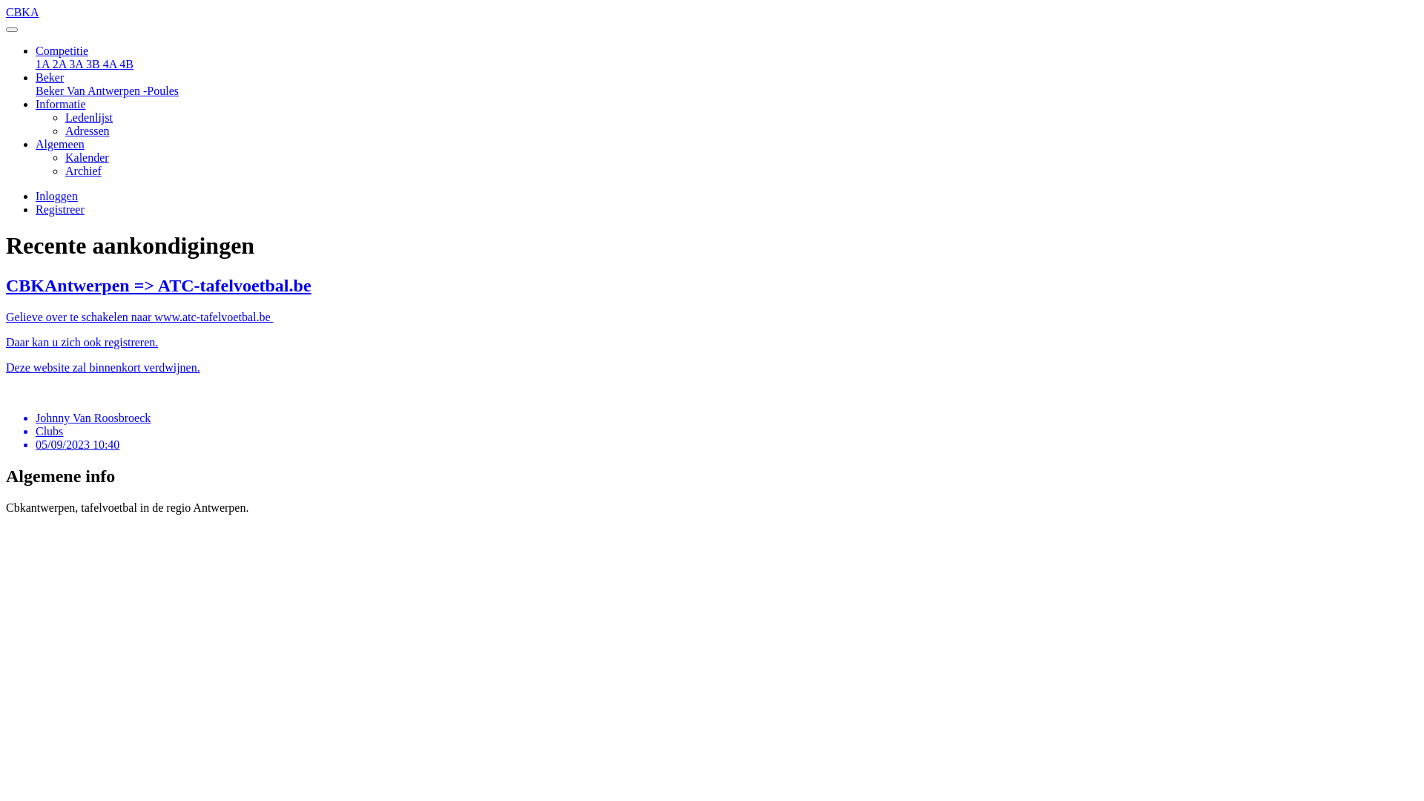  Describe the element at coordinates (102, 63) in the screenshot. I see `'4A'` at that location.